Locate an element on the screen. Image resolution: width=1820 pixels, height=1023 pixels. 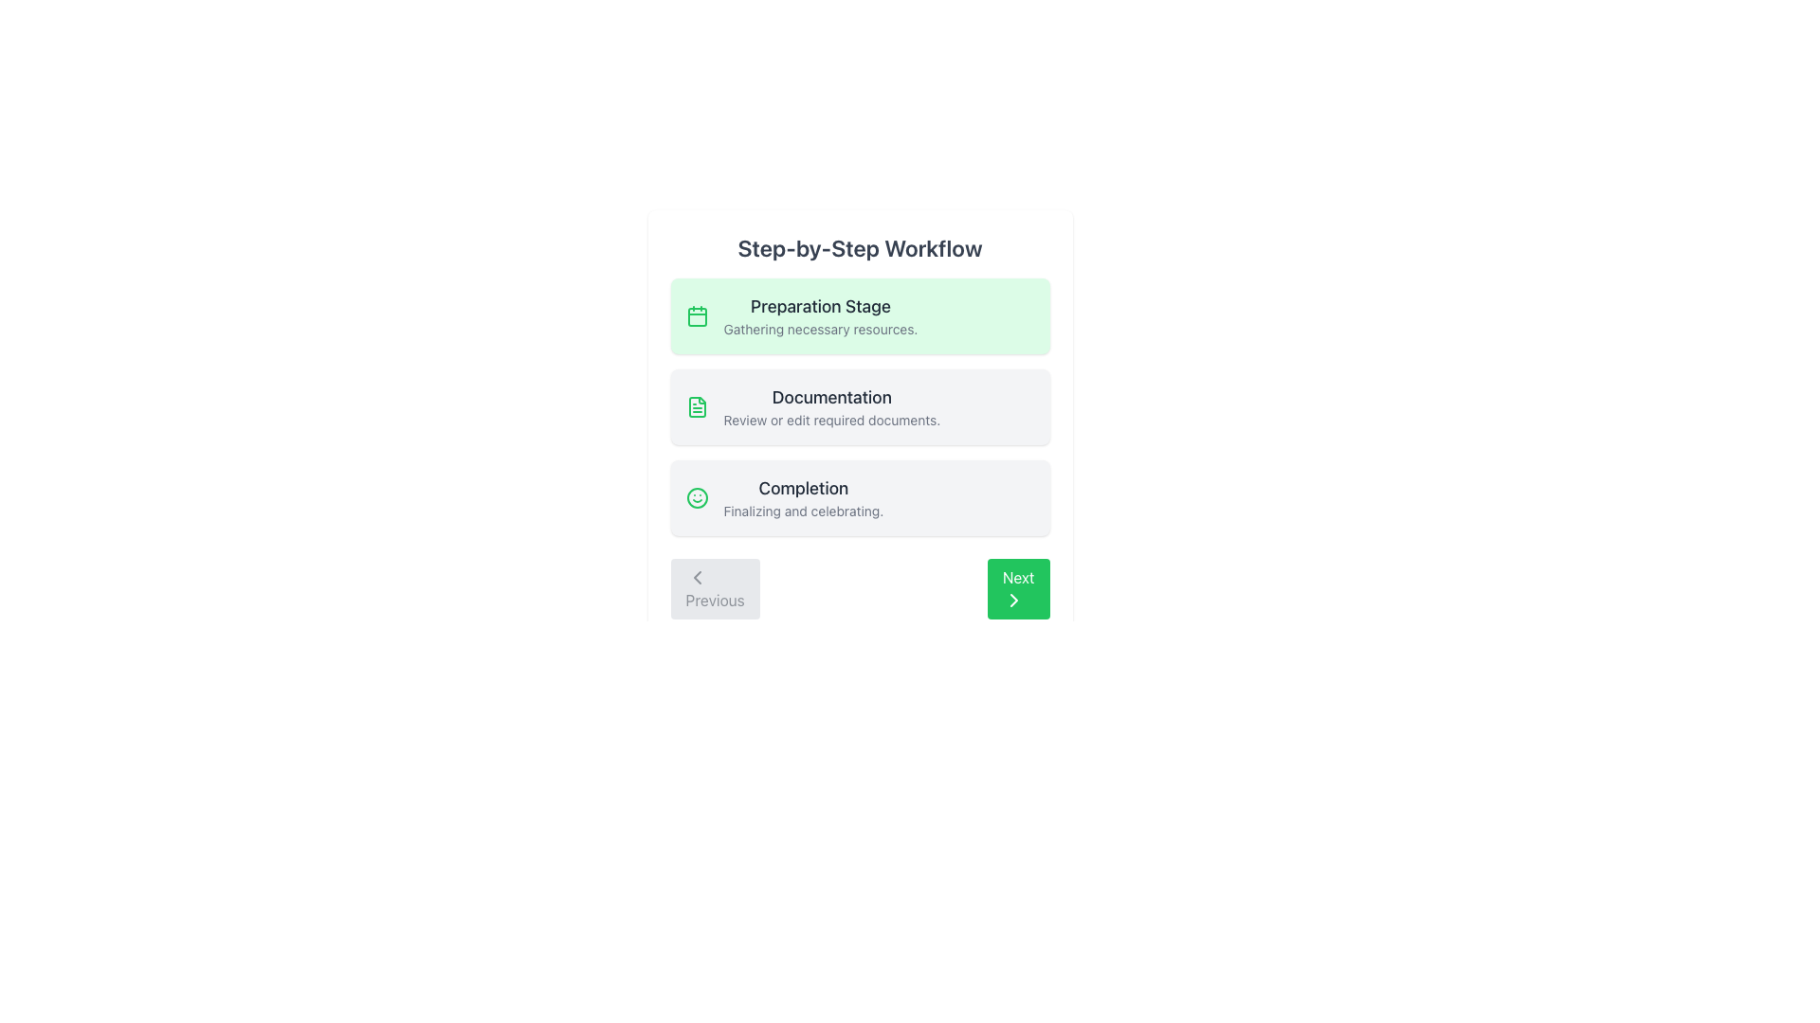
the informational card labeled 'Completion' in the 'Step-by-Step Workflow' interface, which is located in the third segment beneath the header and has a light gray background is located at coordinates (803, 496).